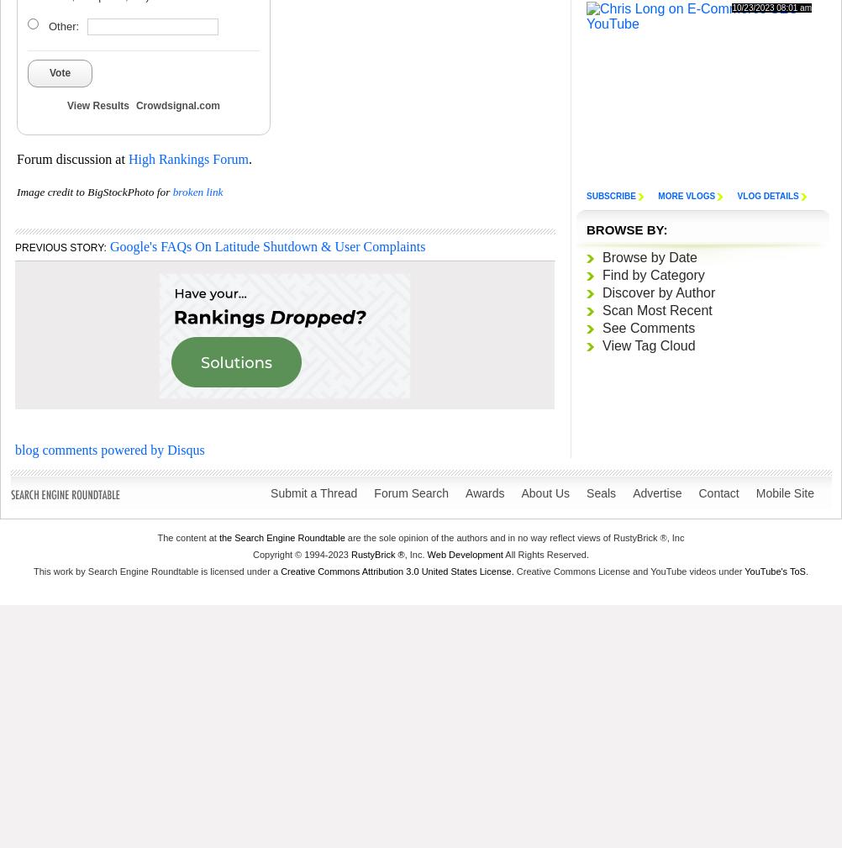  What do you see at coordinates (396, 570) in the screenshot?
I see `'Creative Commons Attribution 3.0 United States License.'` at bounding box center [396, 570].